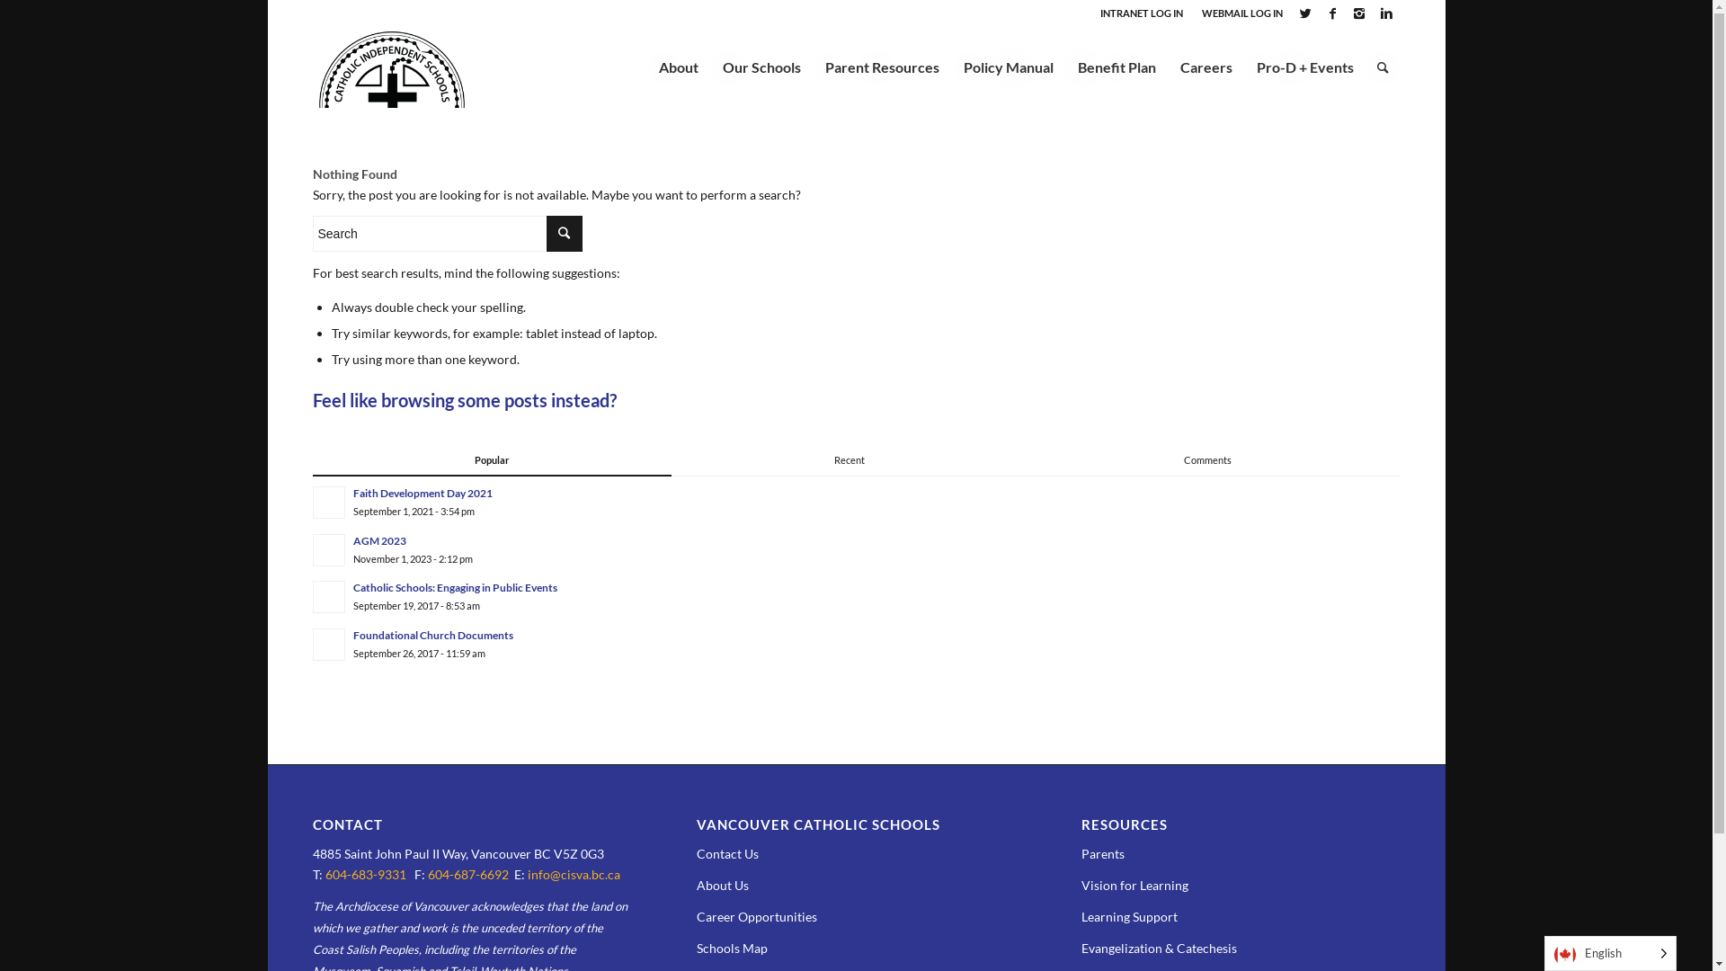  I want to click on 'Vision for Learning', so click(1134, 884).